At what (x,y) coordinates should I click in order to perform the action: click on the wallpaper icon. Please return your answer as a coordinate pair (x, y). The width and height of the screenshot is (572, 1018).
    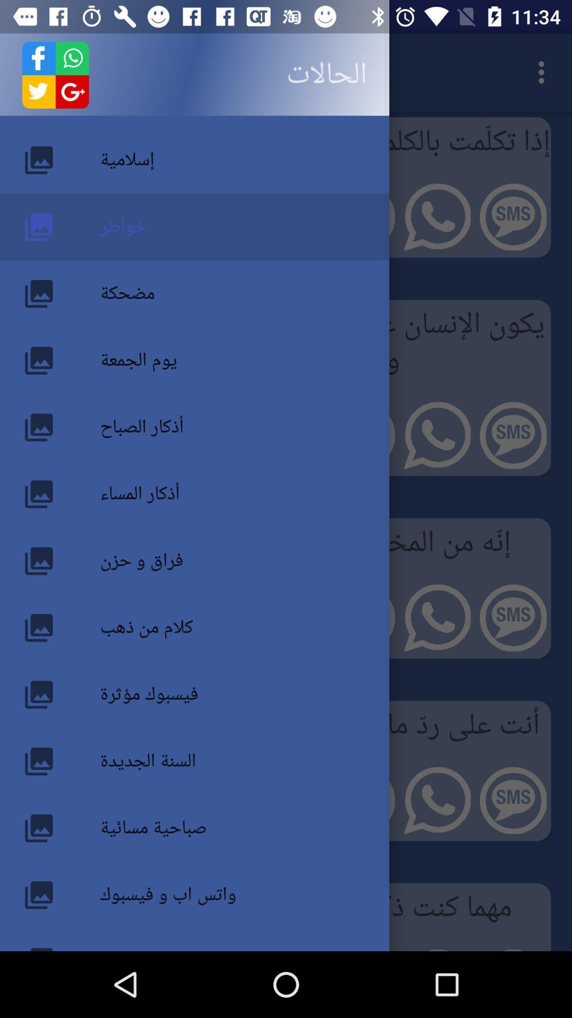
    Looking at the image, I should click on (61, 890).